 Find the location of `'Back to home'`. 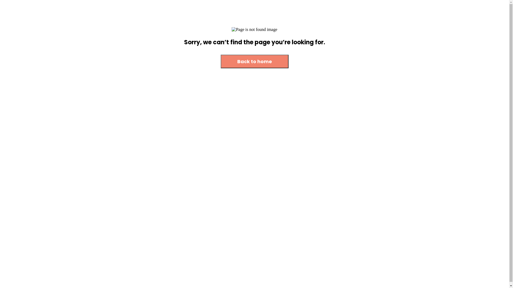

'Back to home' is located at coordinates (220, 61).